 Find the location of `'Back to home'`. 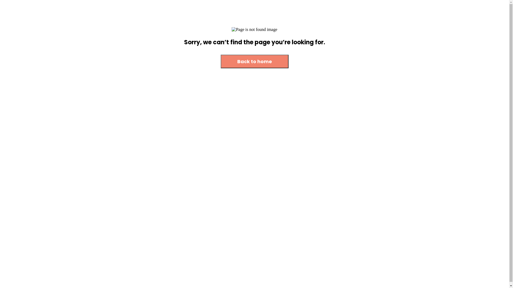

'Back to home' is located at coordinates (220, 61).